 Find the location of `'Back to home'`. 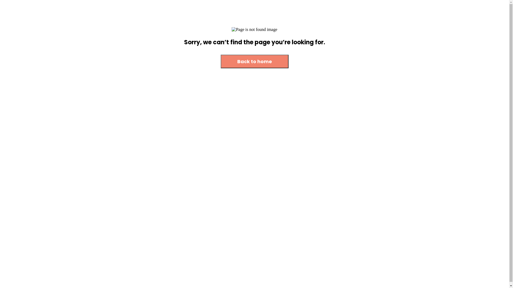

'Back to home' is located at coordinates (220, 61).